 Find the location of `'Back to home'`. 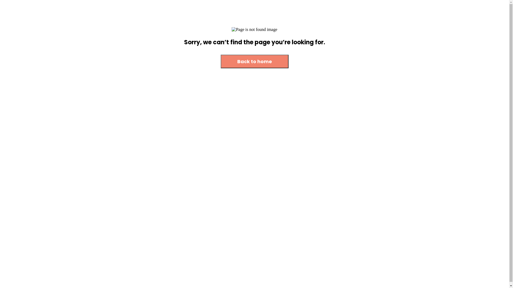

'Back to home' is located at coordinates (220, 61).